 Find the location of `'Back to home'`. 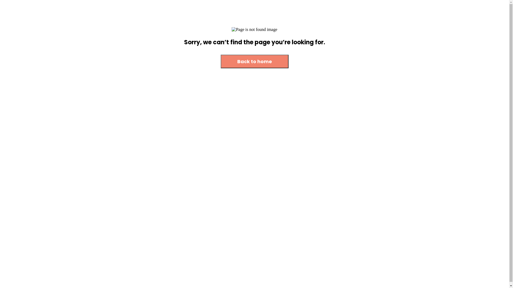

'Back to home' is located at coordinates (220, 61).